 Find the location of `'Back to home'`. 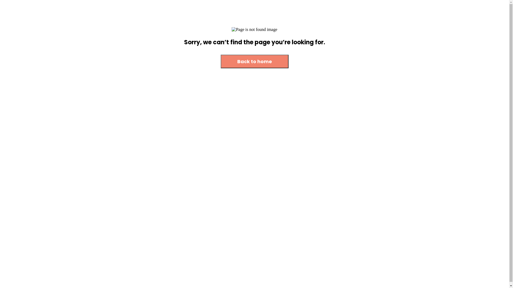

'Back to home' is located at coordinates (220, 61).